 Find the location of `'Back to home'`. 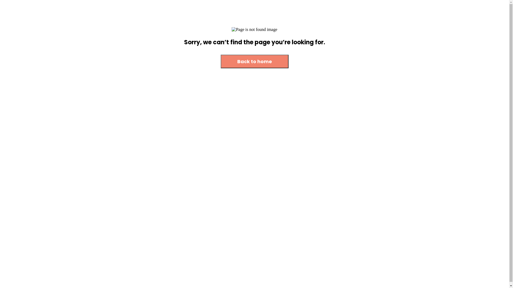

'Back to home' is located at coordinates (220, 61).